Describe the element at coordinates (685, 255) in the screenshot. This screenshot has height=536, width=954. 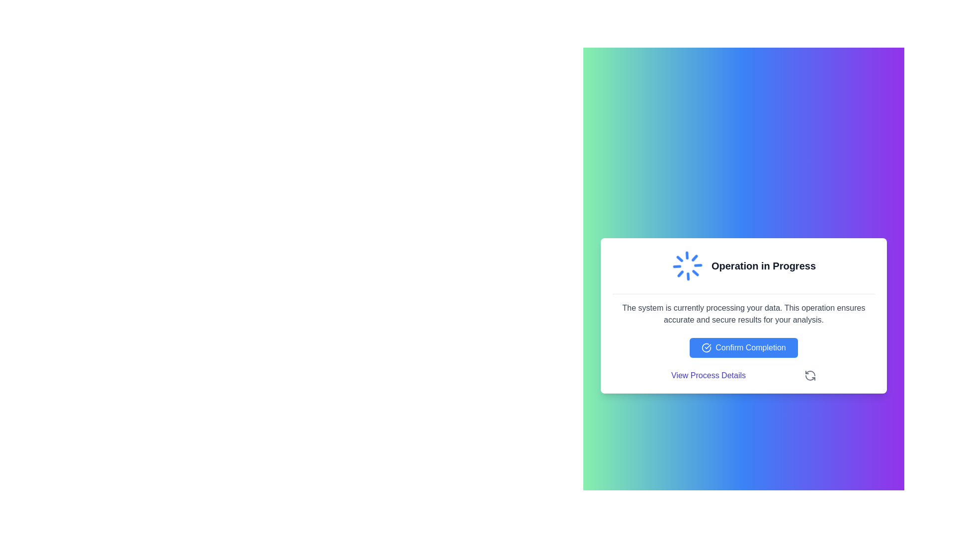
I see `the fifth segment of the blue loading spinner within the modal window titled 'Operation in Progress'` at that location.